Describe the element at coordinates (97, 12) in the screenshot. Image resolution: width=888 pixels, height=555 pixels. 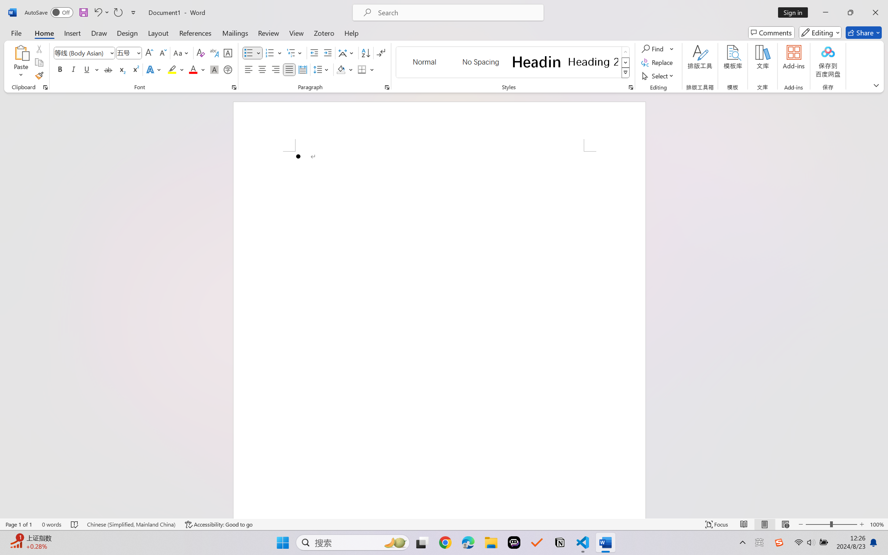
I see `'Undo Bullet Default'` at that location.